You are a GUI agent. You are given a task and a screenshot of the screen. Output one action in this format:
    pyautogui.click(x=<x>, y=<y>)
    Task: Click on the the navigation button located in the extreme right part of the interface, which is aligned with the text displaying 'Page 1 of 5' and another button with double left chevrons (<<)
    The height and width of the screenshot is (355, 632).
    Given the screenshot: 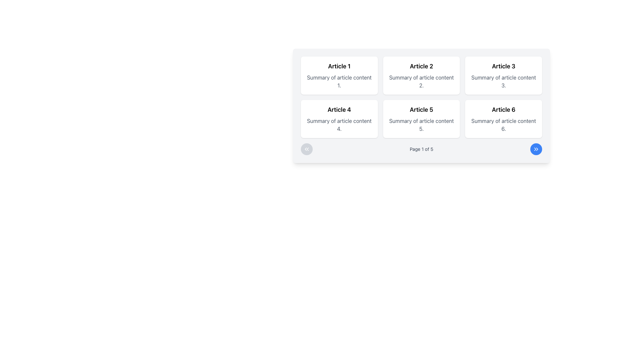 What is the action you would take?
    pyautogui.click(x=536, y=149)
    